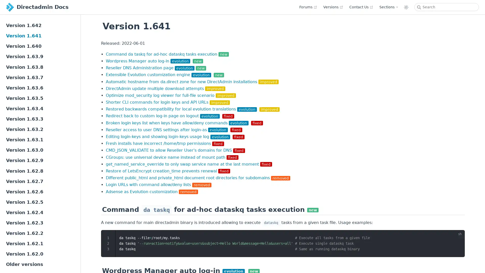  I want to click on Sections, so click(388, 7).